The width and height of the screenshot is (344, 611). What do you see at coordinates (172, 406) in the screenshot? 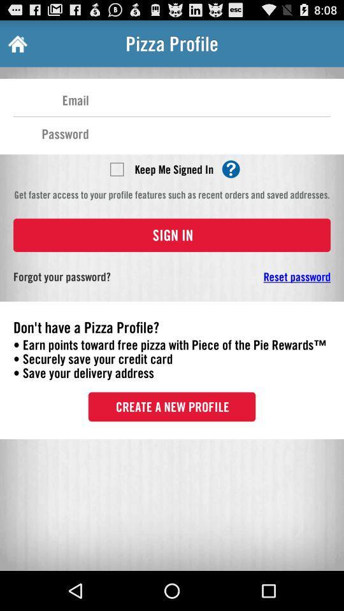
I see `create a new item` at bounding box center [172, 406].